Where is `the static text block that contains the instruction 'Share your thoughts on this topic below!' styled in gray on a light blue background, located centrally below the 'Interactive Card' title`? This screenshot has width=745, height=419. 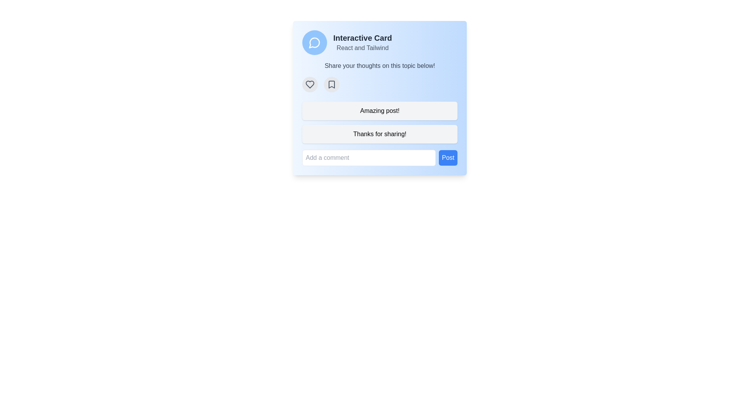
the static text block that contains the instruction 'Share your thoughts on this topic below!' styled in gray on a light blue background, located centrally below the 'Interactive Card' title is located at coordinates (380, 65).